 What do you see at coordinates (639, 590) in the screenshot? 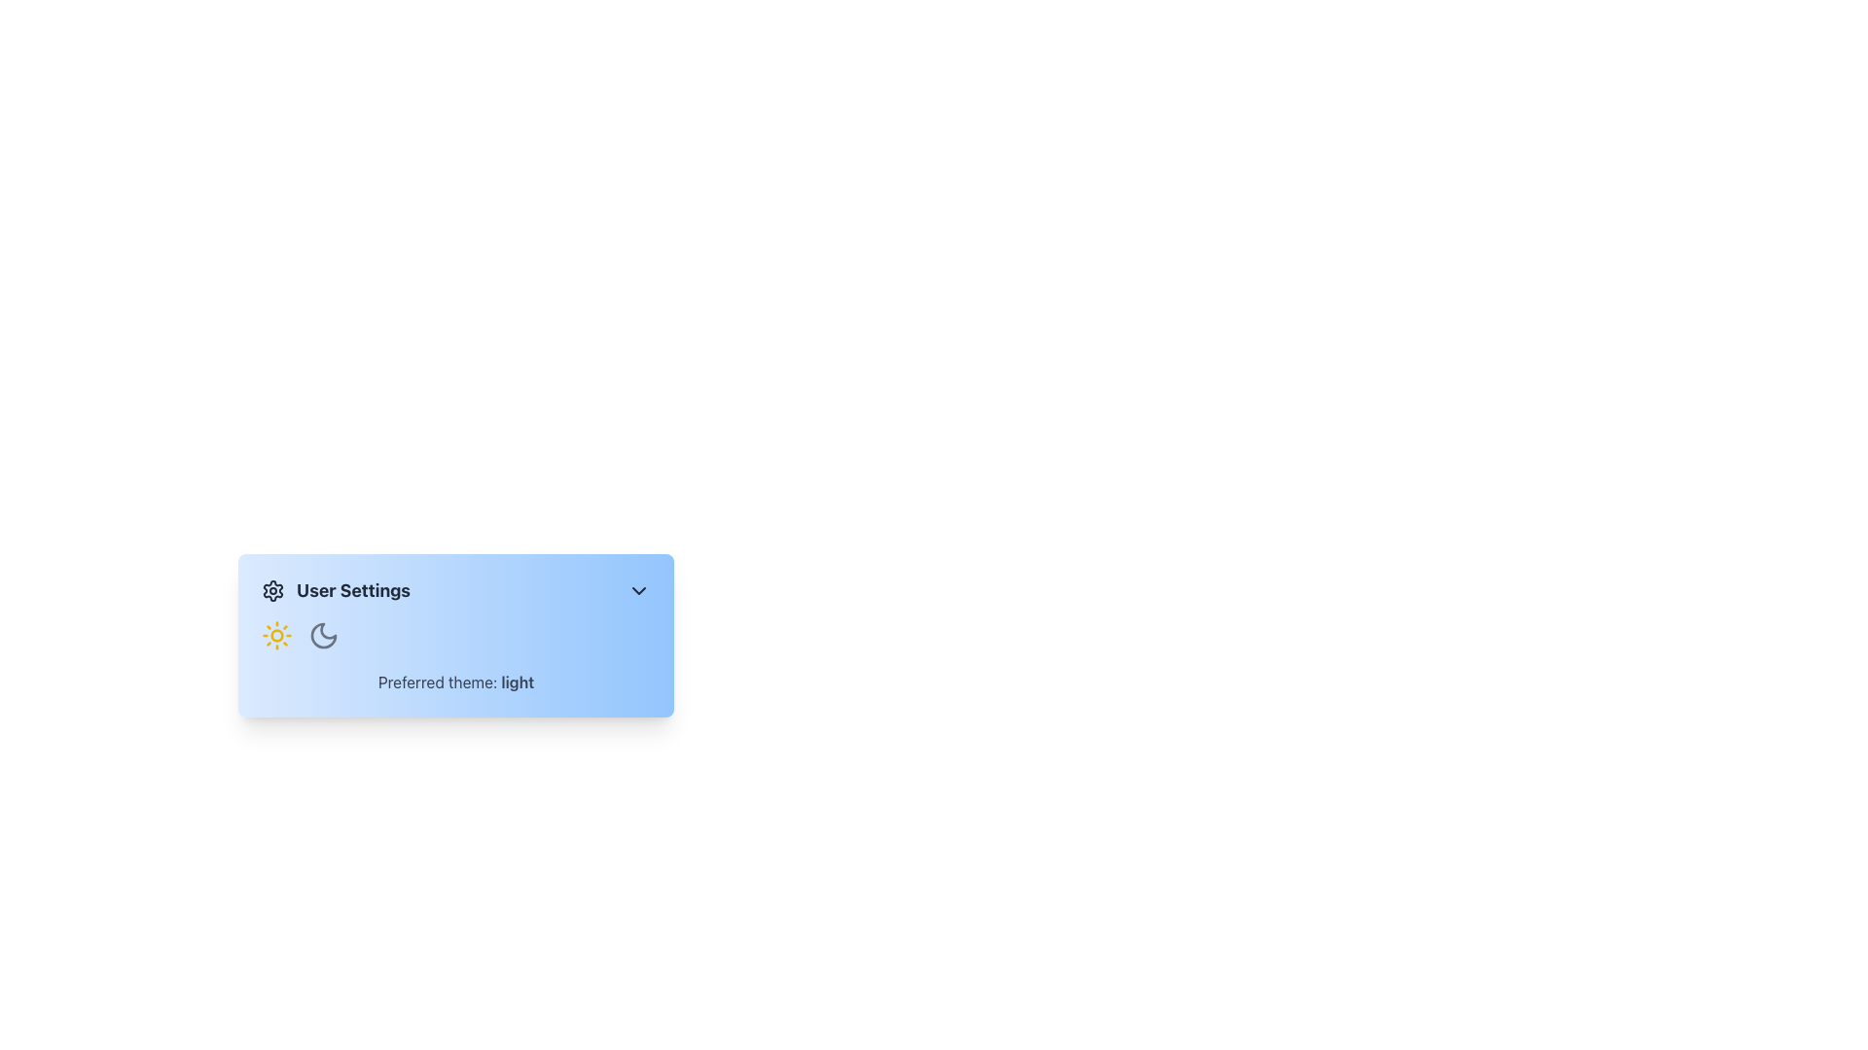
I see `the downward-facing chevron icon in the 'User Settings' section` at bounding box center [639, 590].